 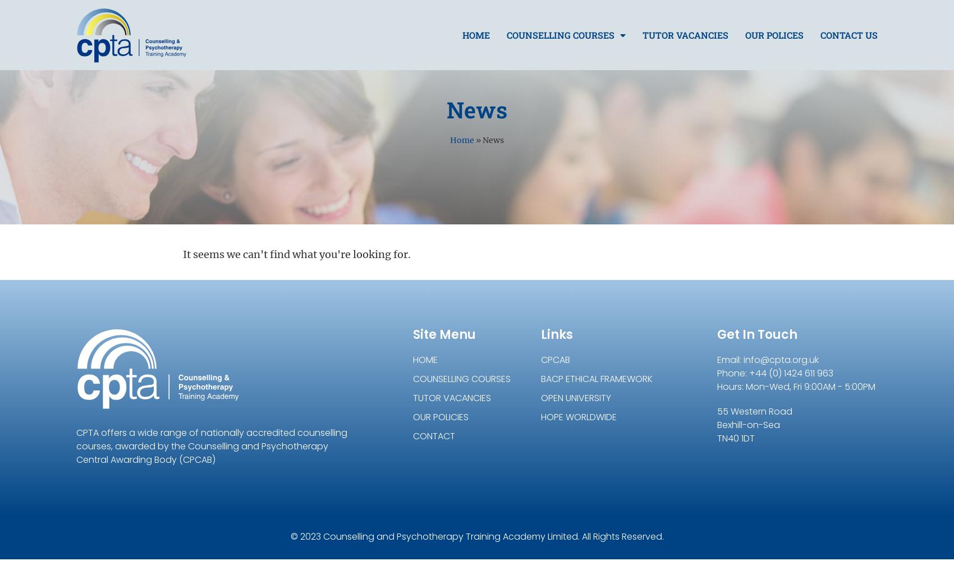 What do you see at coordinates (443, 333) in the screenshot?
I see `'Site Menu'` at bounding box center [443, 333].